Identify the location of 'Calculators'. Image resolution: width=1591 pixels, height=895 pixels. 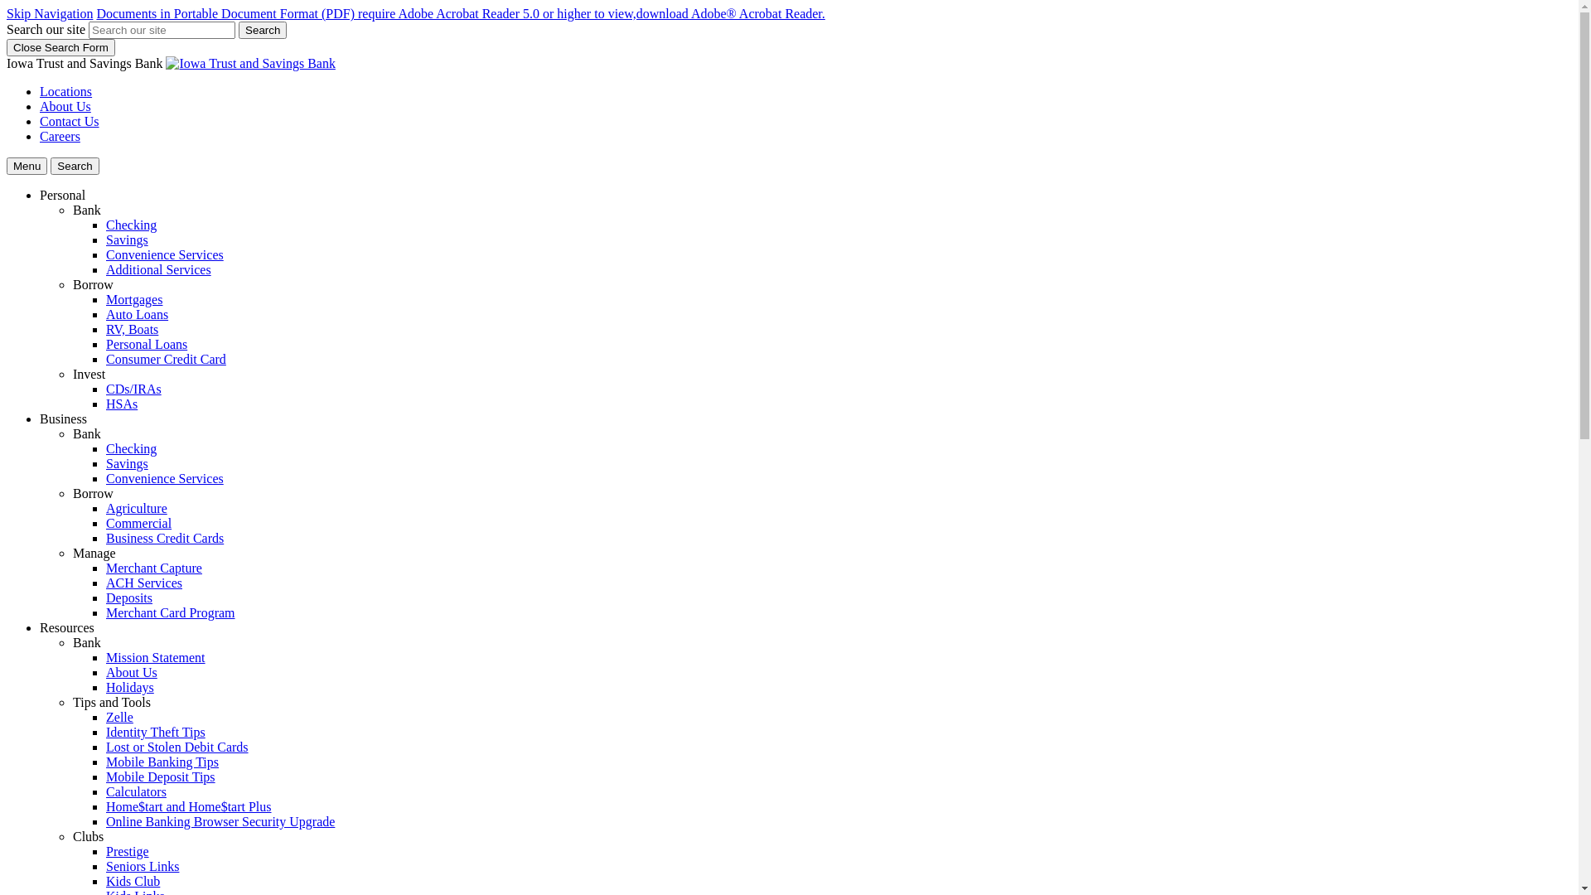
(105, 791).